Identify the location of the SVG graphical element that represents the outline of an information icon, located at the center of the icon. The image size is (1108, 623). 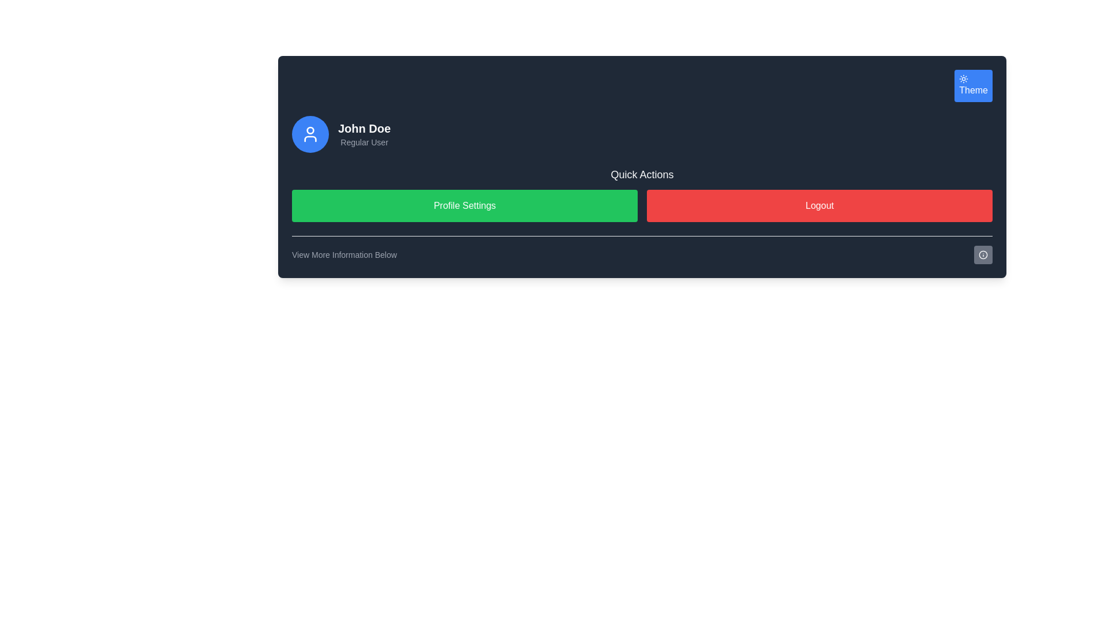
(983, 254).